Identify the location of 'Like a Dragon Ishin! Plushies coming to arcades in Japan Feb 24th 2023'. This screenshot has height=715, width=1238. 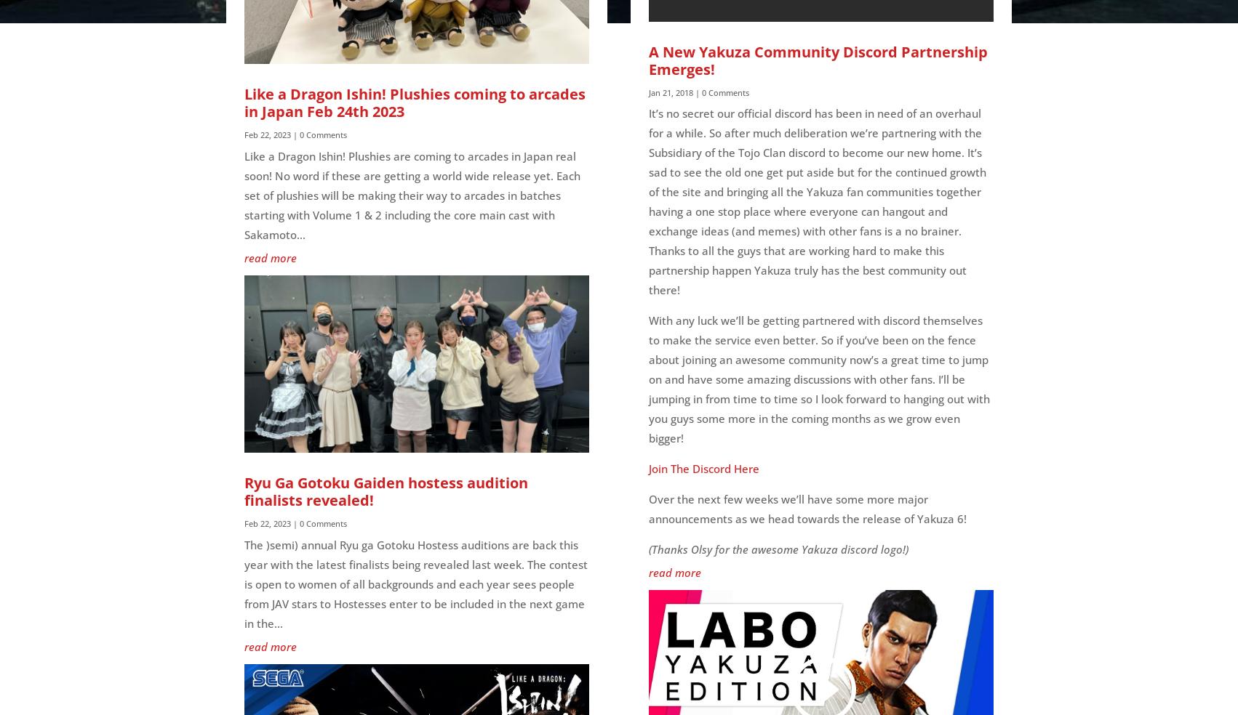
(415, 102).